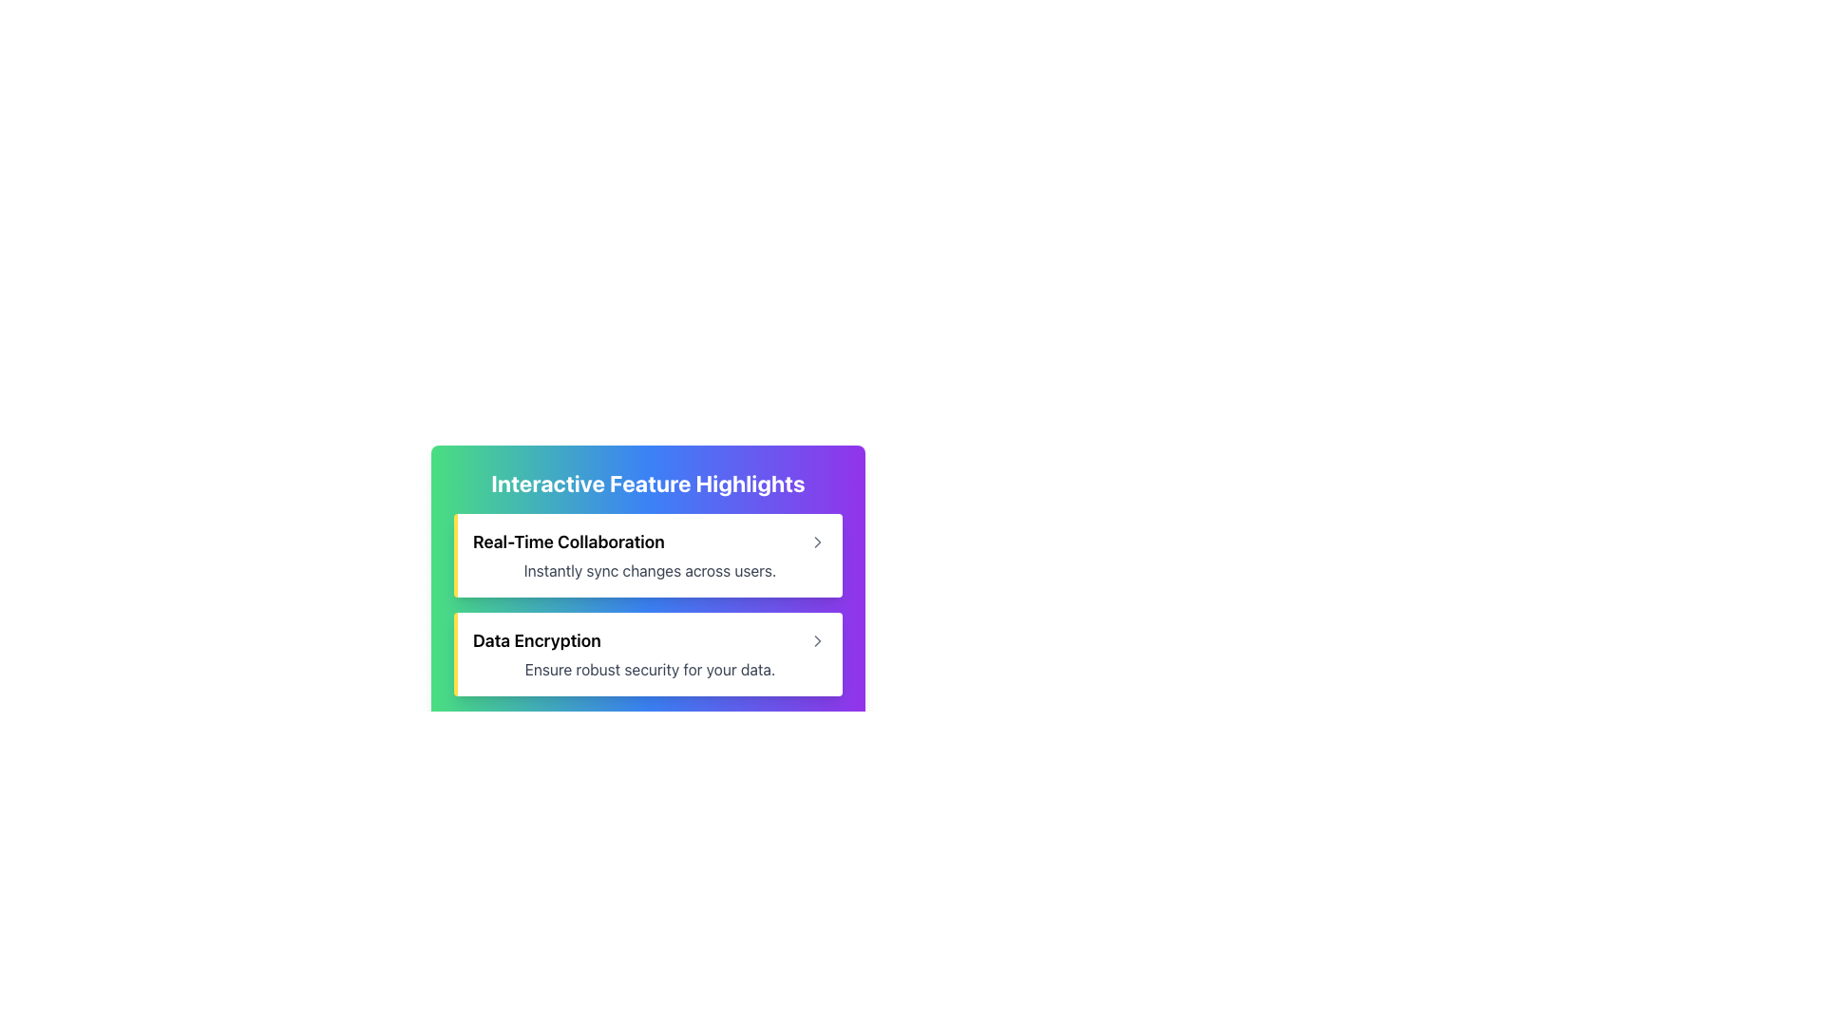 Image resolution: width=1824 pixels, height=1026 pixels. What do you see at coordinates (567, 541) in the screenshot?
I see `the 'Real-Time Collaboration' text label located at the top left corner of the 'Interactive Feature Highlights' card` at bounding box center [567, 541].